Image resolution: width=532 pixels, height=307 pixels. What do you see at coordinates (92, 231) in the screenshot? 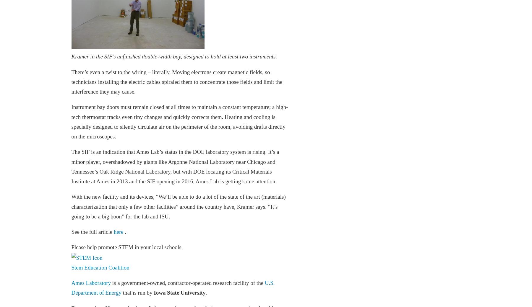
I see `'See the full article'` at bounding box center [92, 231].